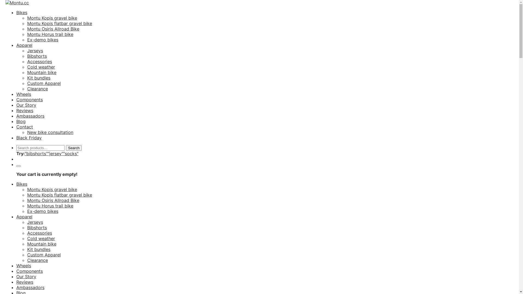 Image resolution: width=523 pixels, height=294 pixels. I want to click on 'Blog', so click(21, 121).